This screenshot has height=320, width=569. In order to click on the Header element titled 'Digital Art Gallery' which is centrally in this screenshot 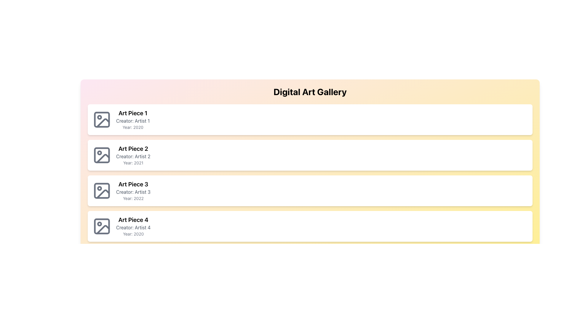, I will do `click(310, 92)`.